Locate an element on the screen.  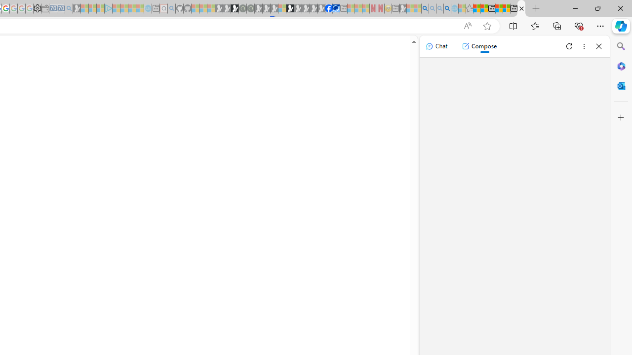
'Nordace | Facebook' is located at coordinates (329, 8).